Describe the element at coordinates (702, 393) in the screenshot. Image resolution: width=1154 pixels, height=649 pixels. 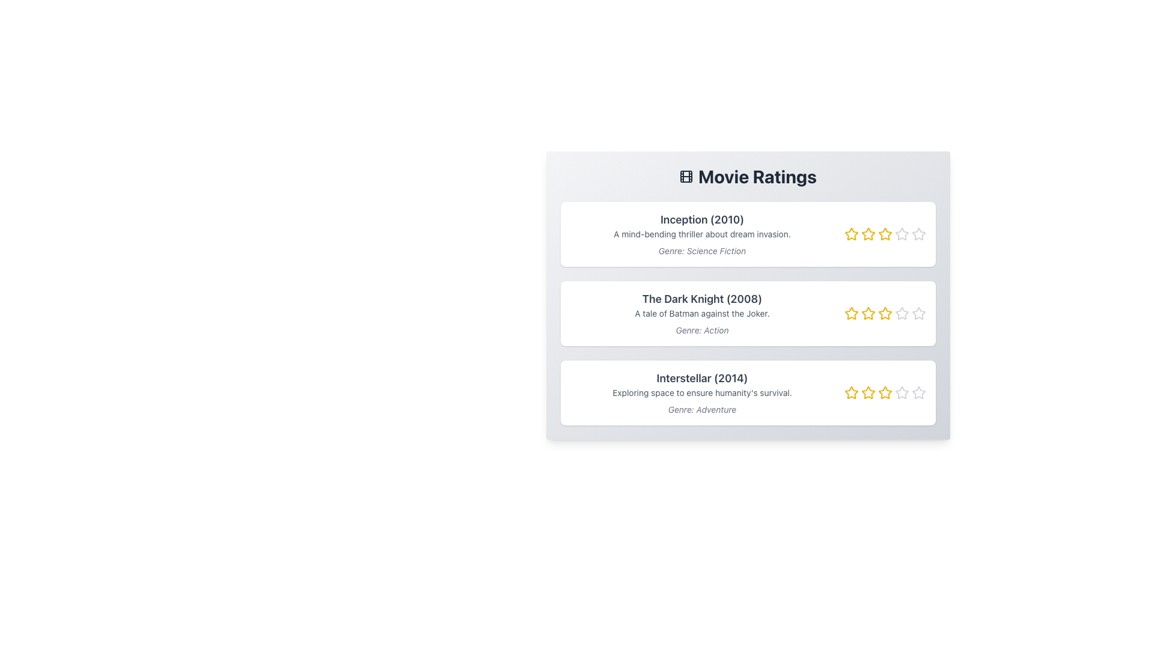
I see `the visual text component displaying information about the movie 'Interstellar (2014)'` at that location.